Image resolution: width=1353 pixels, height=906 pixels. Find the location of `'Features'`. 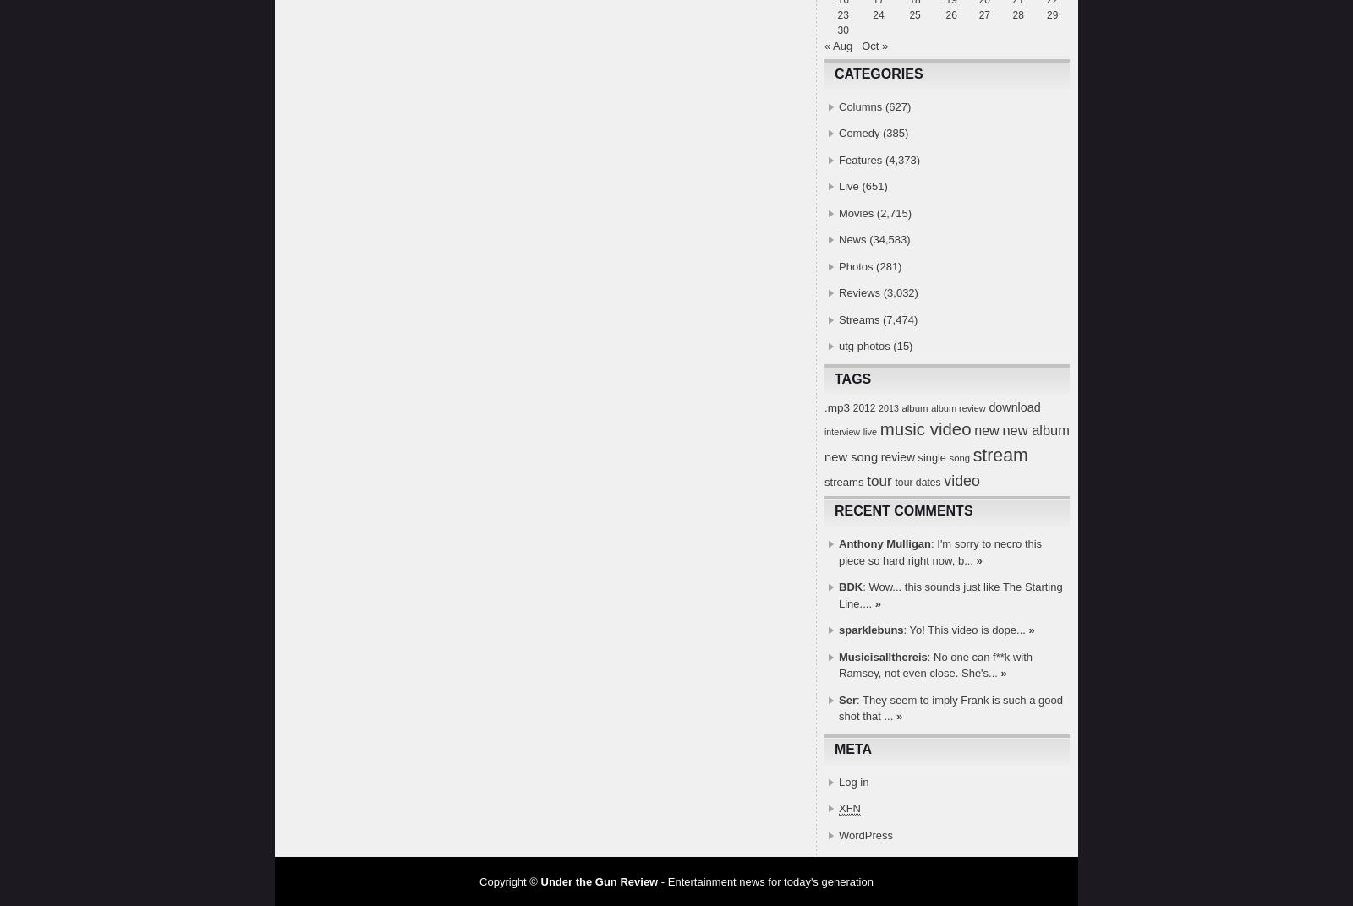

'Features' is located at coordinates (860, 158).